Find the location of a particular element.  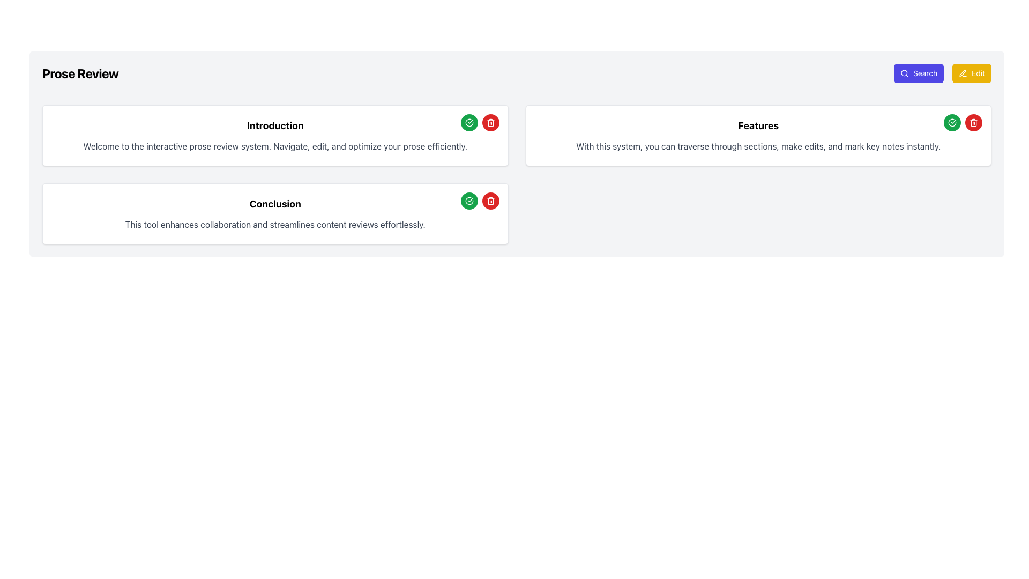

the text block containing the message 'Welcome to the interactive prose review system.' which is styled with gray text color and positioned below the heading 'Introduction' is located at coordinates (275, 146).